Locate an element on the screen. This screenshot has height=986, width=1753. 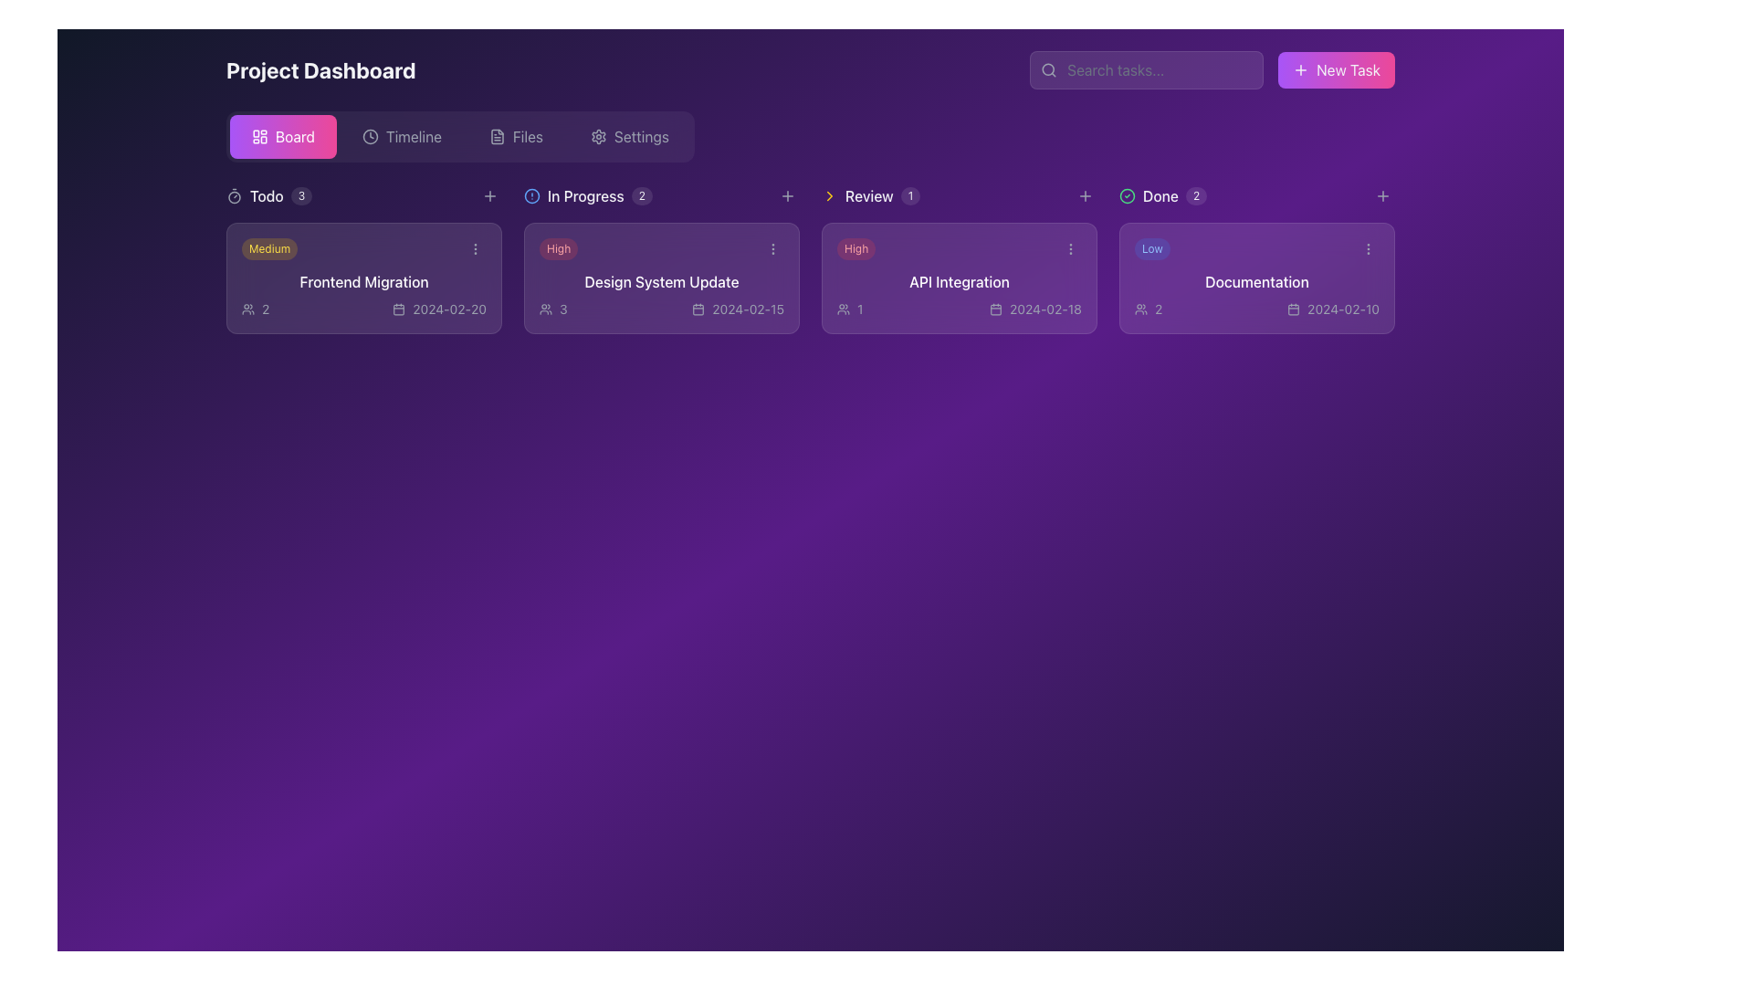
the Text Label displaying the count of users associated with the 'Design System Update' task located in the 'In Progress' section of the dashboard is located at coordinates (562, 309).